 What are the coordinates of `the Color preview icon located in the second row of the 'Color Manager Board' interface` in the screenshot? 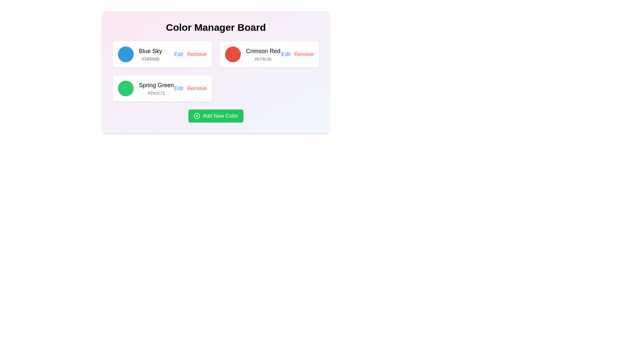 It's located at (233, 54).